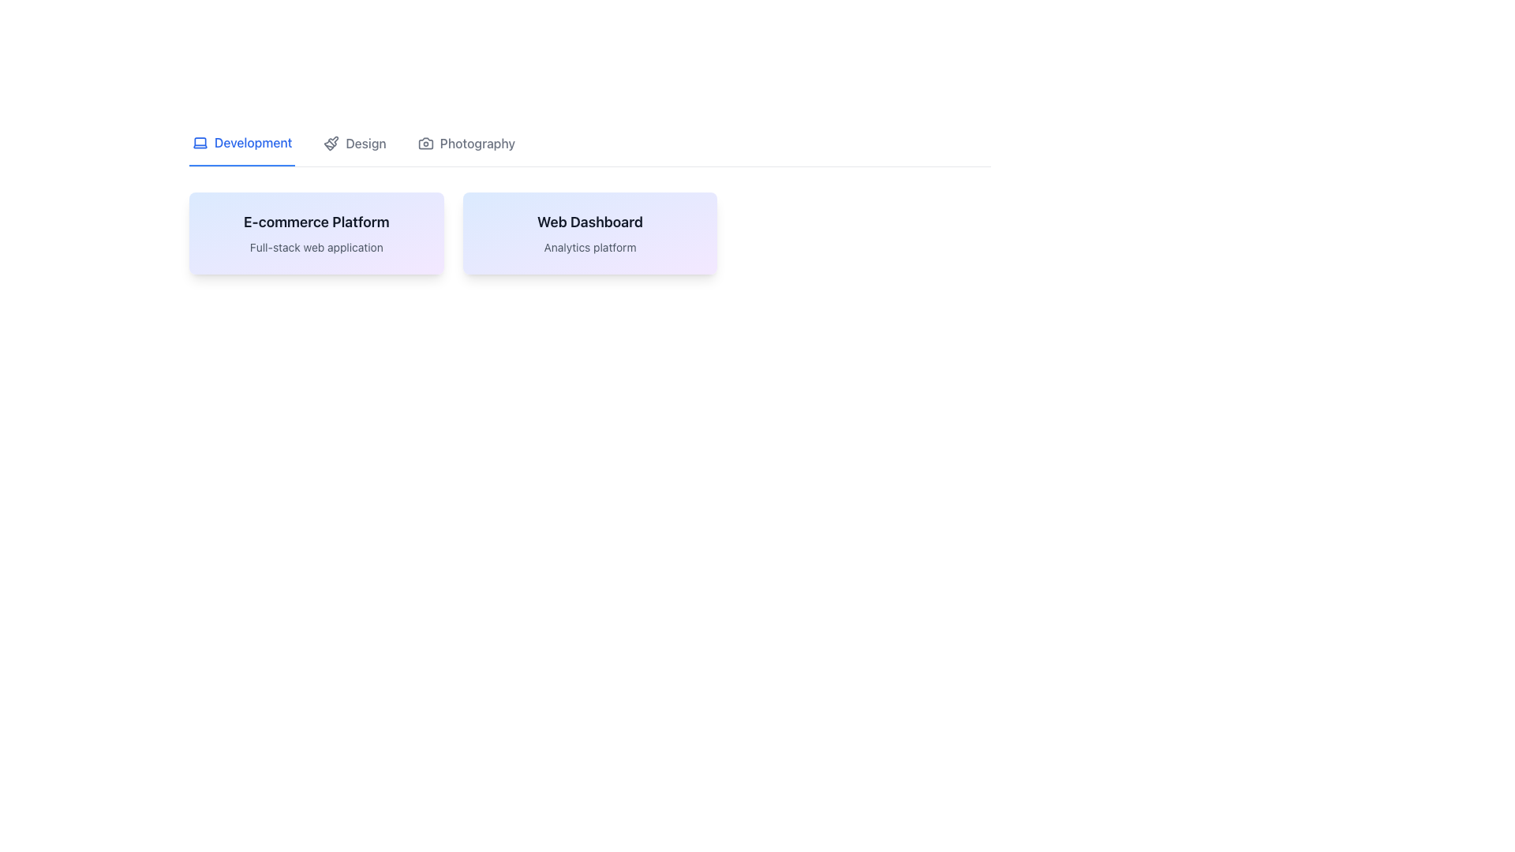 The width and height of the screenshot is (1515, 852). I want to click on the Text label that serves as the title or heading for the 'Web Dashboard', positioned at the top center of its card layout, so click(589, 222).